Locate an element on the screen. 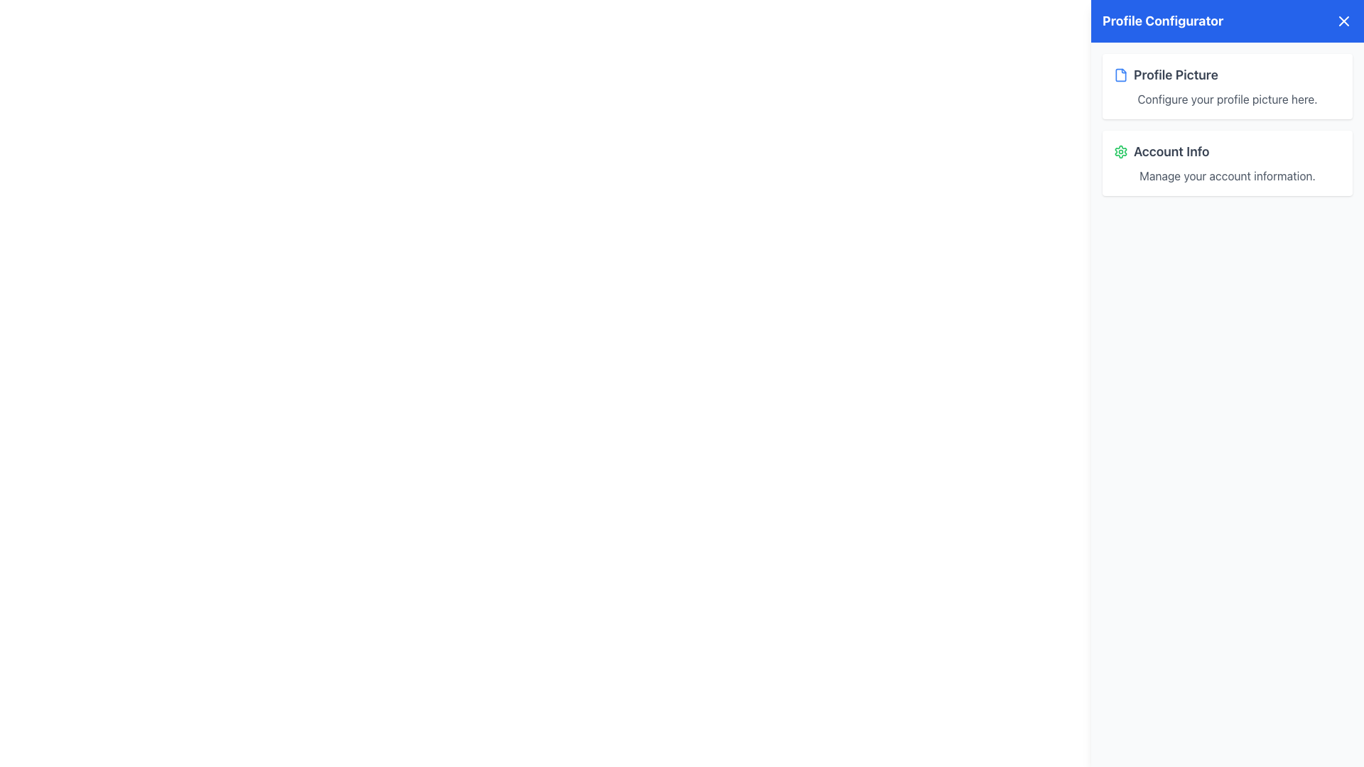 This screenshot has width=1364, height=767. the close icon located in the top-right corner of the blue title bar labeled 'Profile Configurator' is located at coordinates (1343, 21).